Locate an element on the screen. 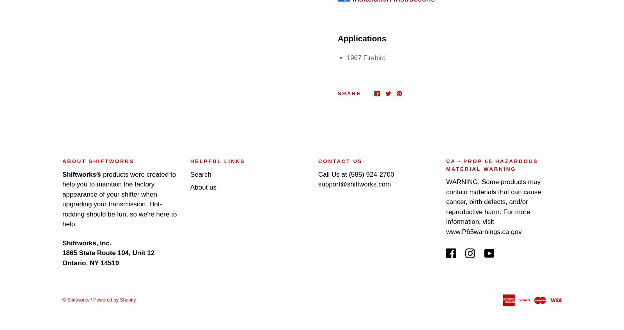 This screenshot has height=330, width=624. 'Powered by Shopify' is located at coordinates (114, 300).